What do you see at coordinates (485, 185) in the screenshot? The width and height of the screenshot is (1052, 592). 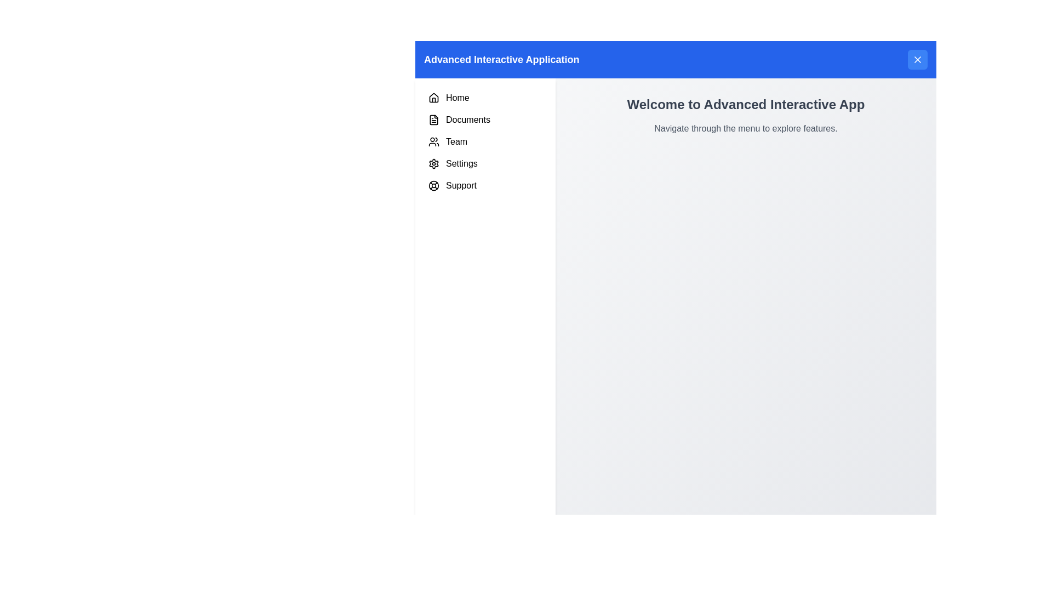 I see `the 'Support' menu item, which is the fifth option in the vertical menu on the left side` at bounding box center [485, 185].